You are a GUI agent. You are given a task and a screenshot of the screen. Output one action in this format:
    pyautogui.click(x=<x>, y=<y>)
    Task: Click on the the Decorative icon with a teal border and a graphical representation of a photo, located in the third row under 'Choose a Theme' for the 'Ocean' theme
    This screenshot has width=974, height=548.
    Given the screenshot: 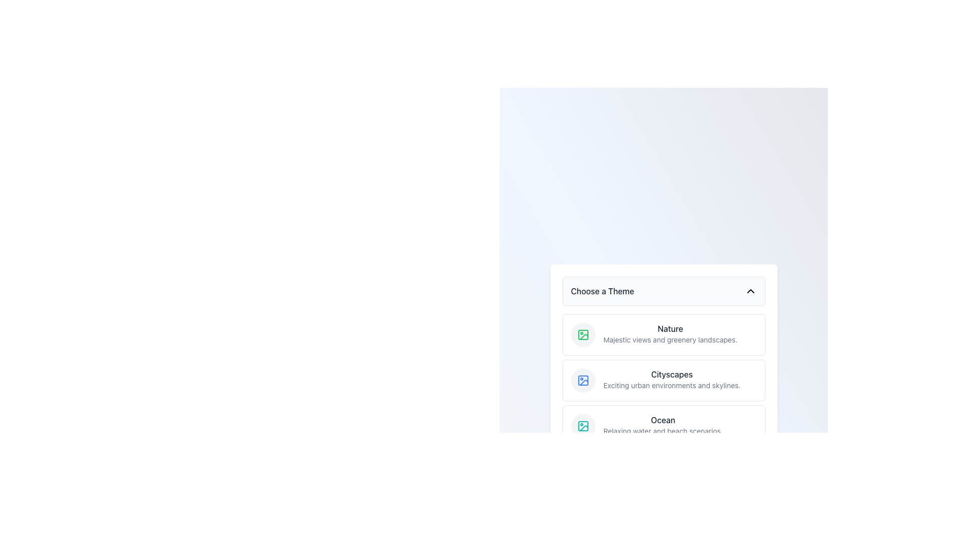 What is the action you would take?
    pyautogui.click(x=583, y=426)
    